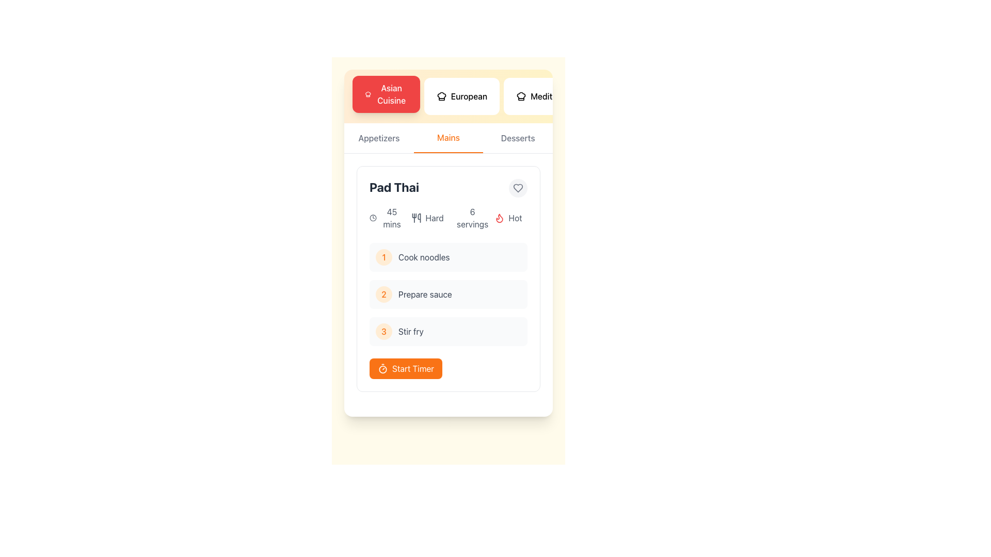 The image size is (991, 557). I want to click on the Static Text Label that displays the number of servings for the Pad Thai recipe, positioned between the 'Hard' and 'Hot' labels, so click(469, 218).